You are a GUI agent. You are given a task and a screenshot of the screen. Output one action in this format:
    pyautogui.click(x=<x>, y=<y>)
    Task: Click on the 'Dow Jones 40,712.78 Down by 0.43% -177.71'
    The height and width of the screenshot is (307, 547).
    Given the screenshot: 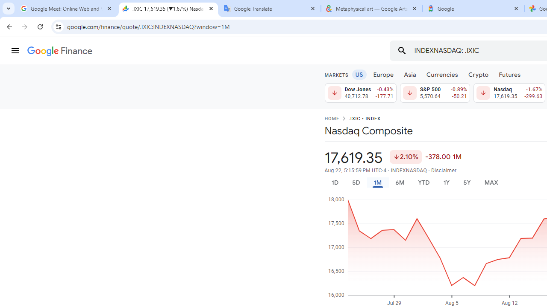 What is the action you would take?
    pyautogui.click(x=360, y=93)
    